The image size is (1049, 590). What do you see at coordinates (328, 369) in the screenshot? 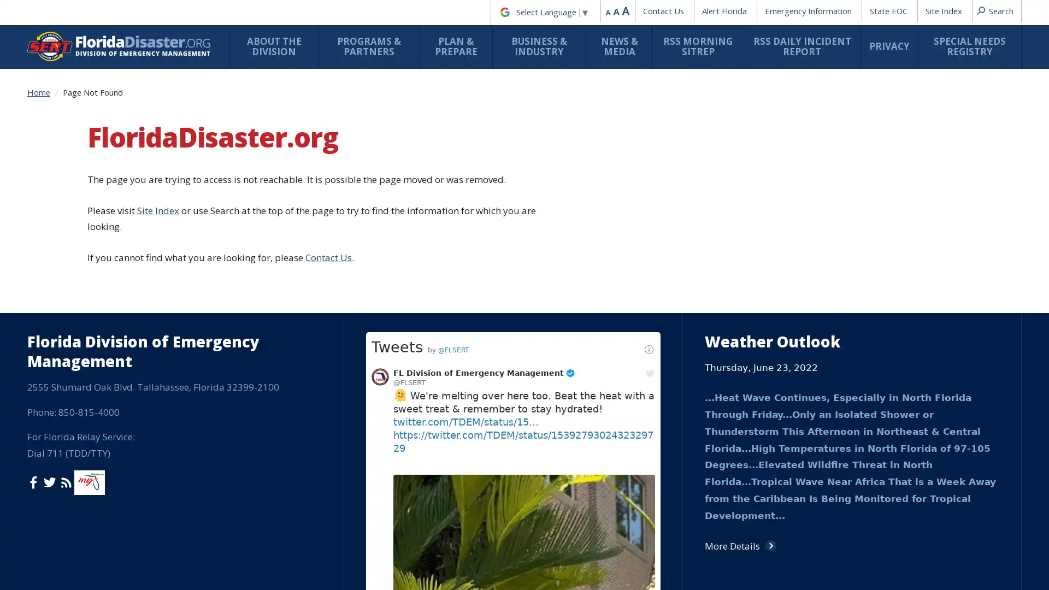
I see `Toggle More` at bounding box center [328, 369].